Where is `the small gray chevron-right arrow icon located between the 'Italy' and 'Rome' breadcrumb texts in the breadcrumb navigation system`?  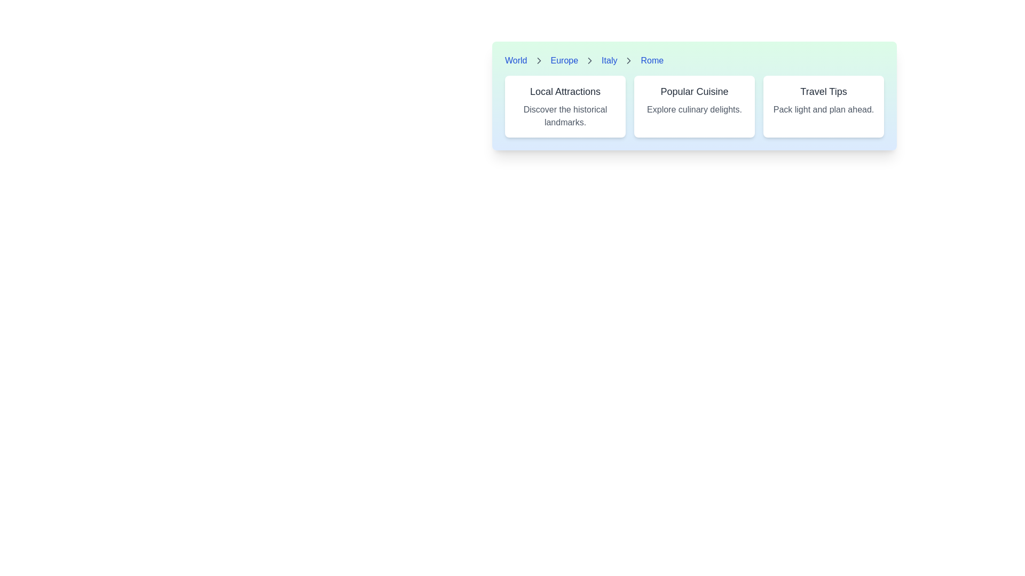
the small gray chevron-right arrow icon located between the 'Italy' and 'Rome' breadcrumb texts in the breadcrumb navigation system is located at coordinates (629, 61).